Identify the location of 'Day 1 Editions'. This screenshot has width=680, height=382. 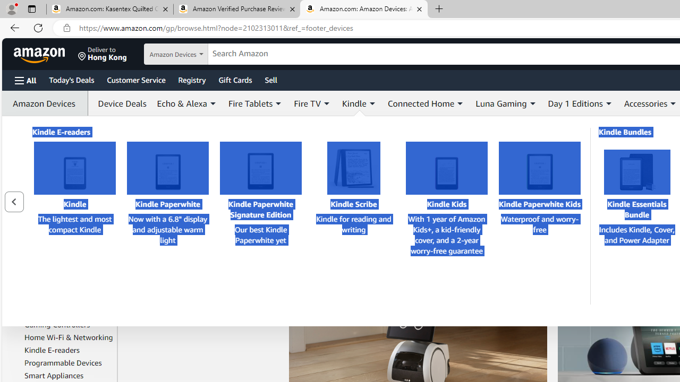
(580, 103).